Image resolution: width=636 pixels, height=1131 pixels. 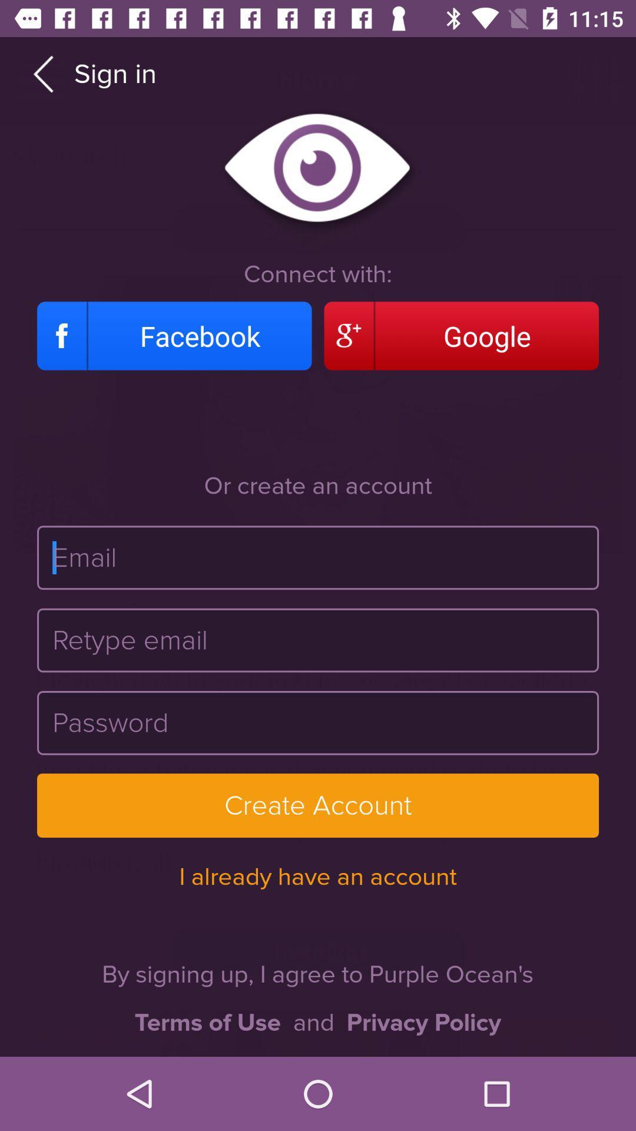 I want to click on the arrow_backward icon, so click(x=42, y=73).